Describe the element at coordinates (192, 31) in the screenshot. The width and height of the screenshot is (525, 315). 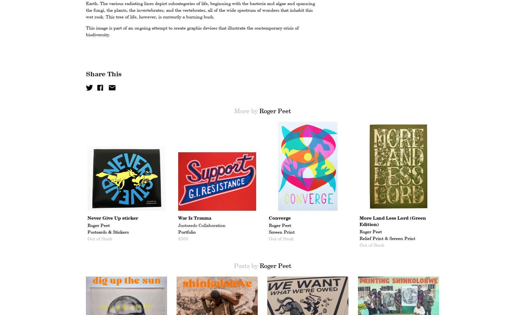
I see `'This image is part of an ongoing attempt to create graphic devices that illustrate the contemporary crisis of biodiversity.'` at that location.